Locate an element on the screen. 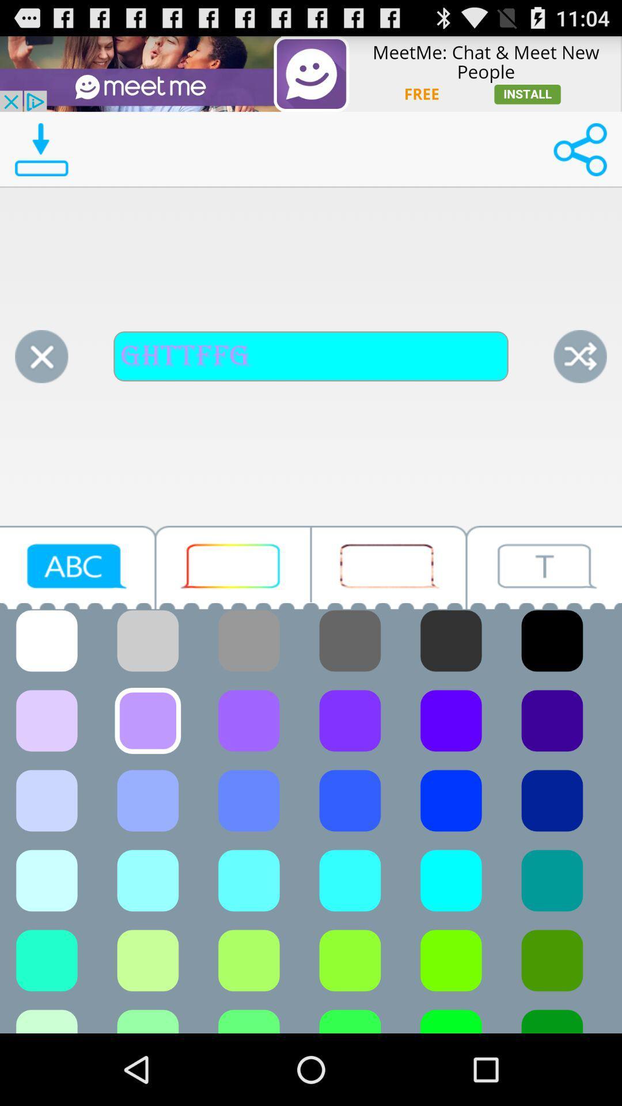  the share icon is located at coordinates (580, 160).